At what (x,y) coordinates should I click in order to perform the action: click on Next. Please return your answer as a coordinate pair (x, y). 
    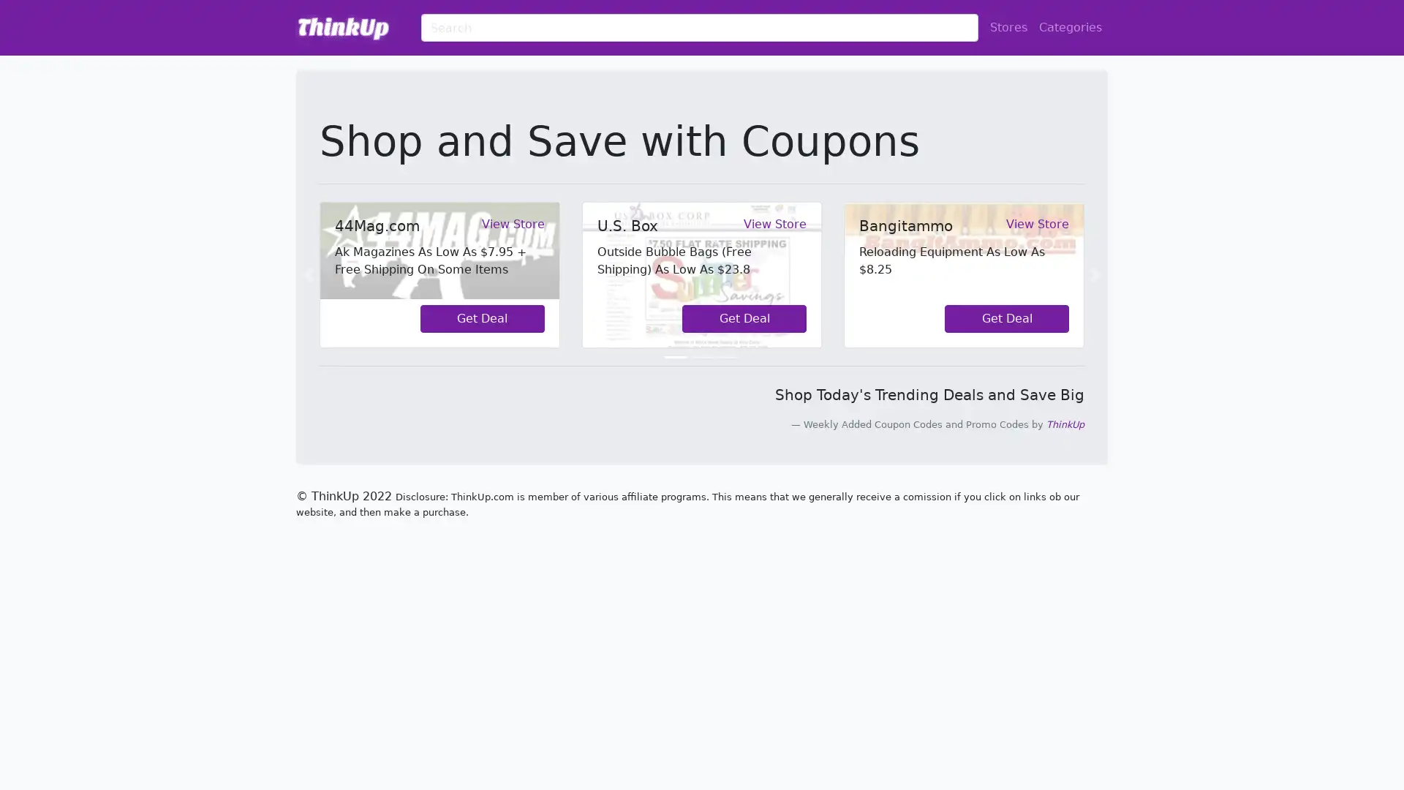
    Looking at the image, I should click on (1095, 274).